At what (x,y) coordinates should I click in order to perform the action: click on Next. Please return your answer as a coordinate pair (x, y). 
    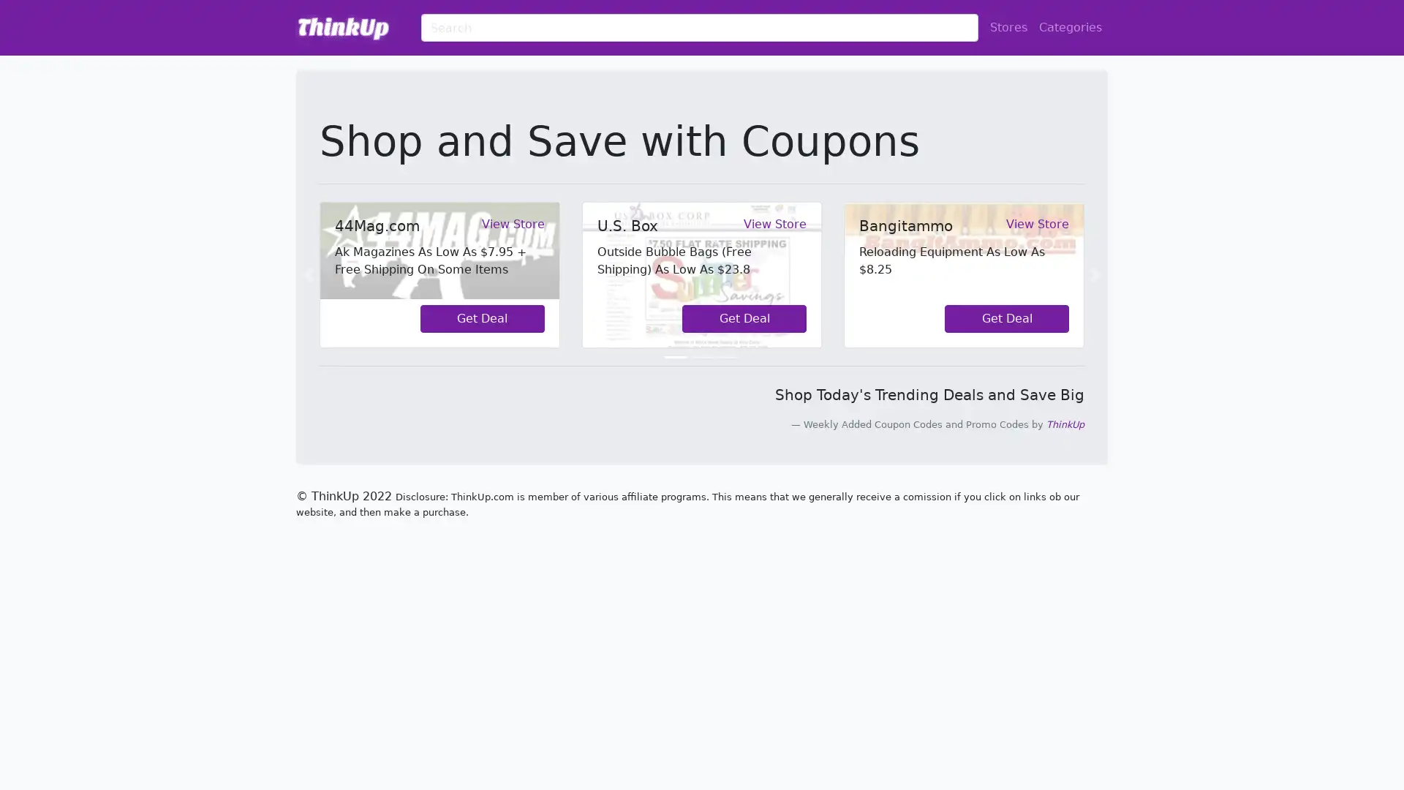
    Looking at the image, I should click on (1095, 274).